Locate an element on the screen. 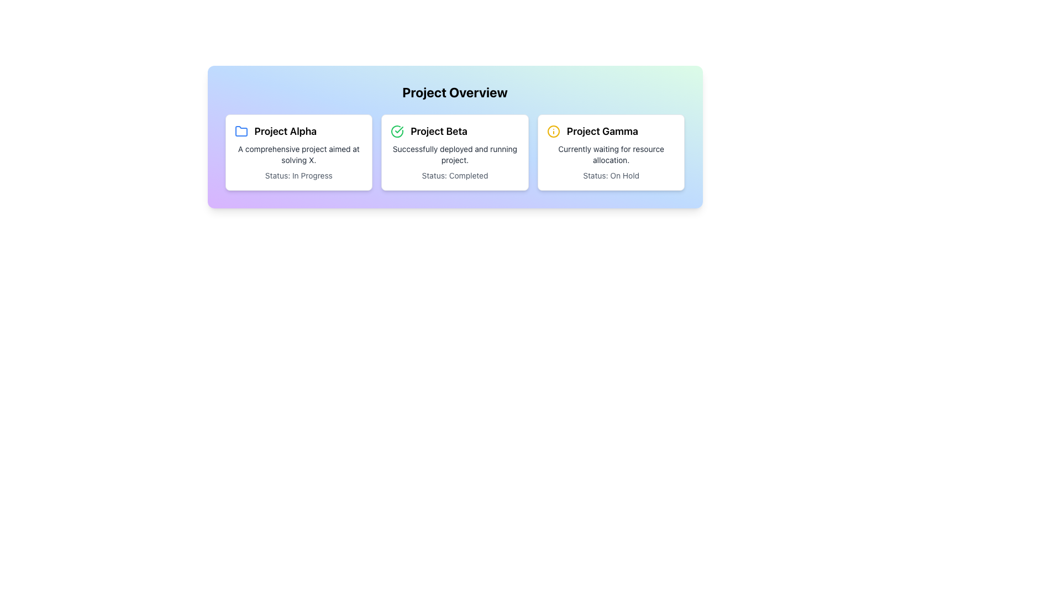 This screenshot has height=597, width=1061. status text displayed at the bottom of the 'Project Alpha' card, which provides current state information about the project is located at coordinates (298, 175).